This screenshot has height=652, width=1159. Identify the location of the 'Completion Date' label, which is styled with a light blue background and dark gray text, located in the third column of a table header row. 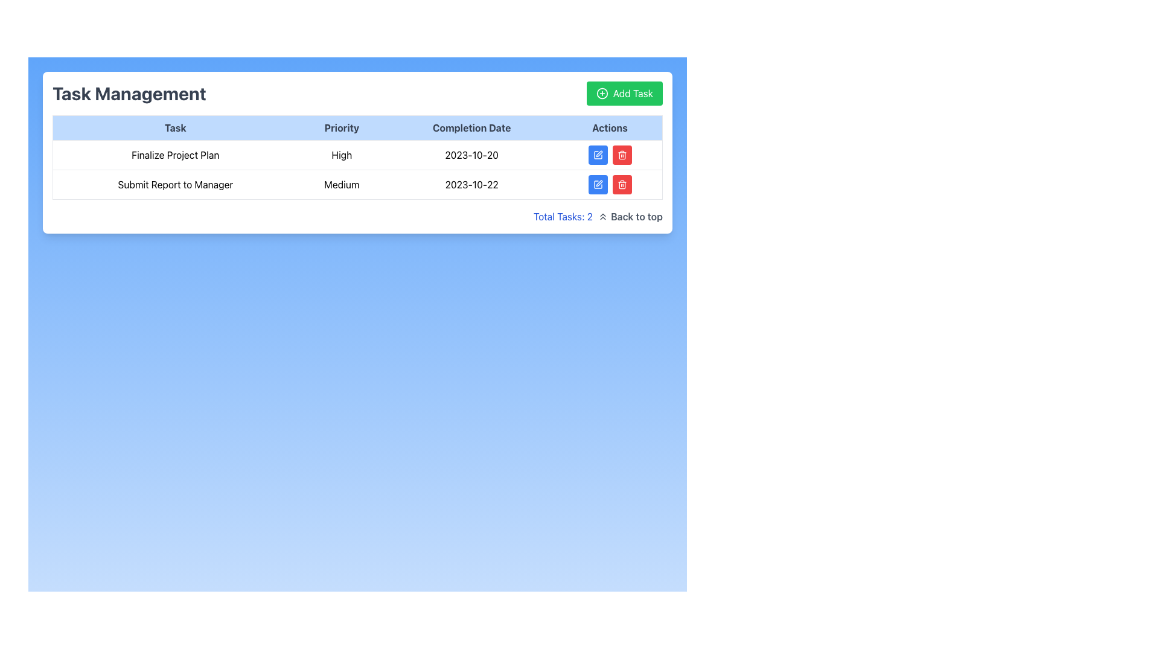
(471, 128).